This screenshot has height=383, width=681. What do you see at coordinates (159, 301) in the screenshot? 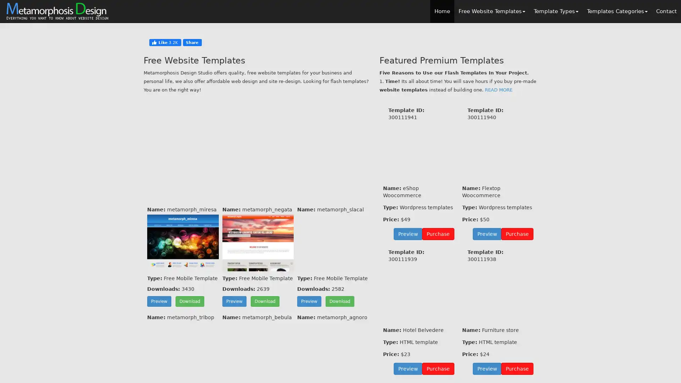
I see `Preview` at bounding box center [159, 301].